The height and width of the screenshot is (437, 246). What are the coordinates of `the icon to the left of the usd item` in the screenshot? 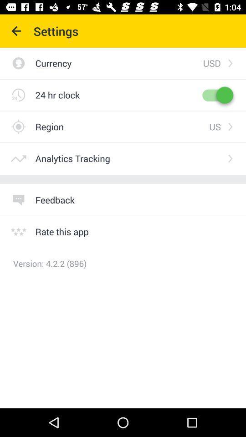 It's located at (119, 62).